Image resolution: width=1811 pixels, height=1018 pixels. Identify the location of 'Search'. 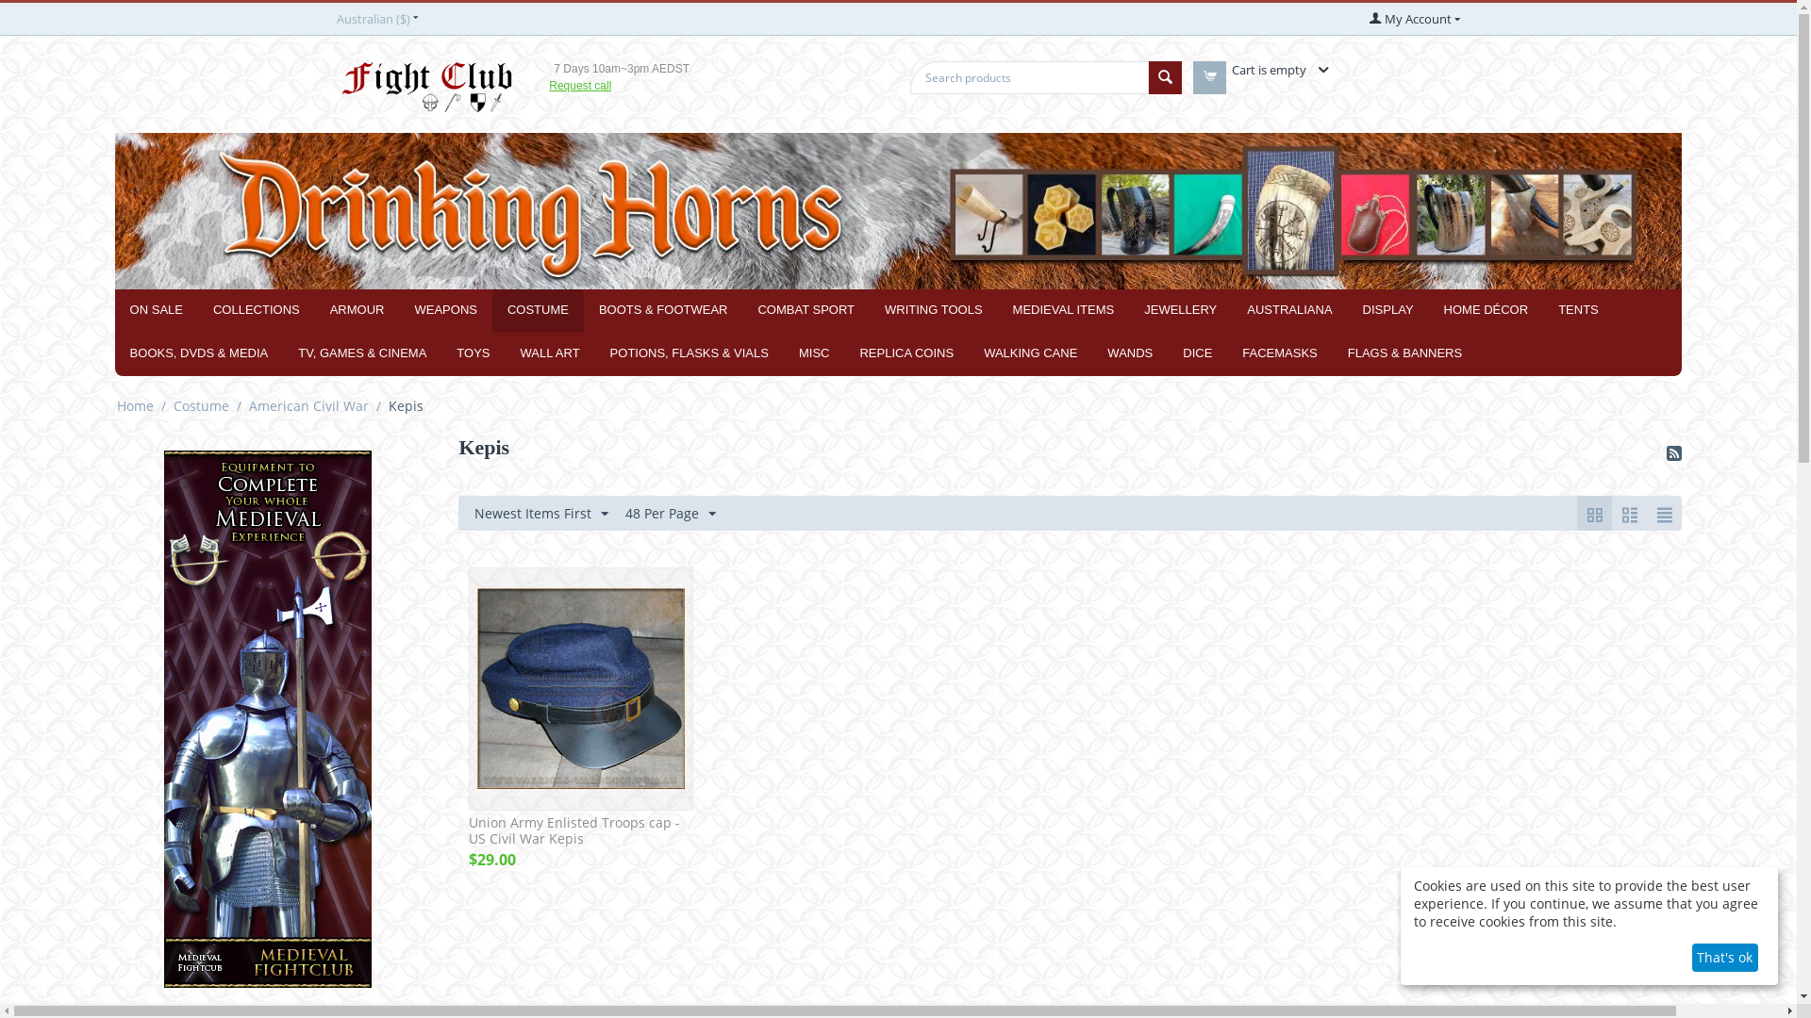
(1164, 76).